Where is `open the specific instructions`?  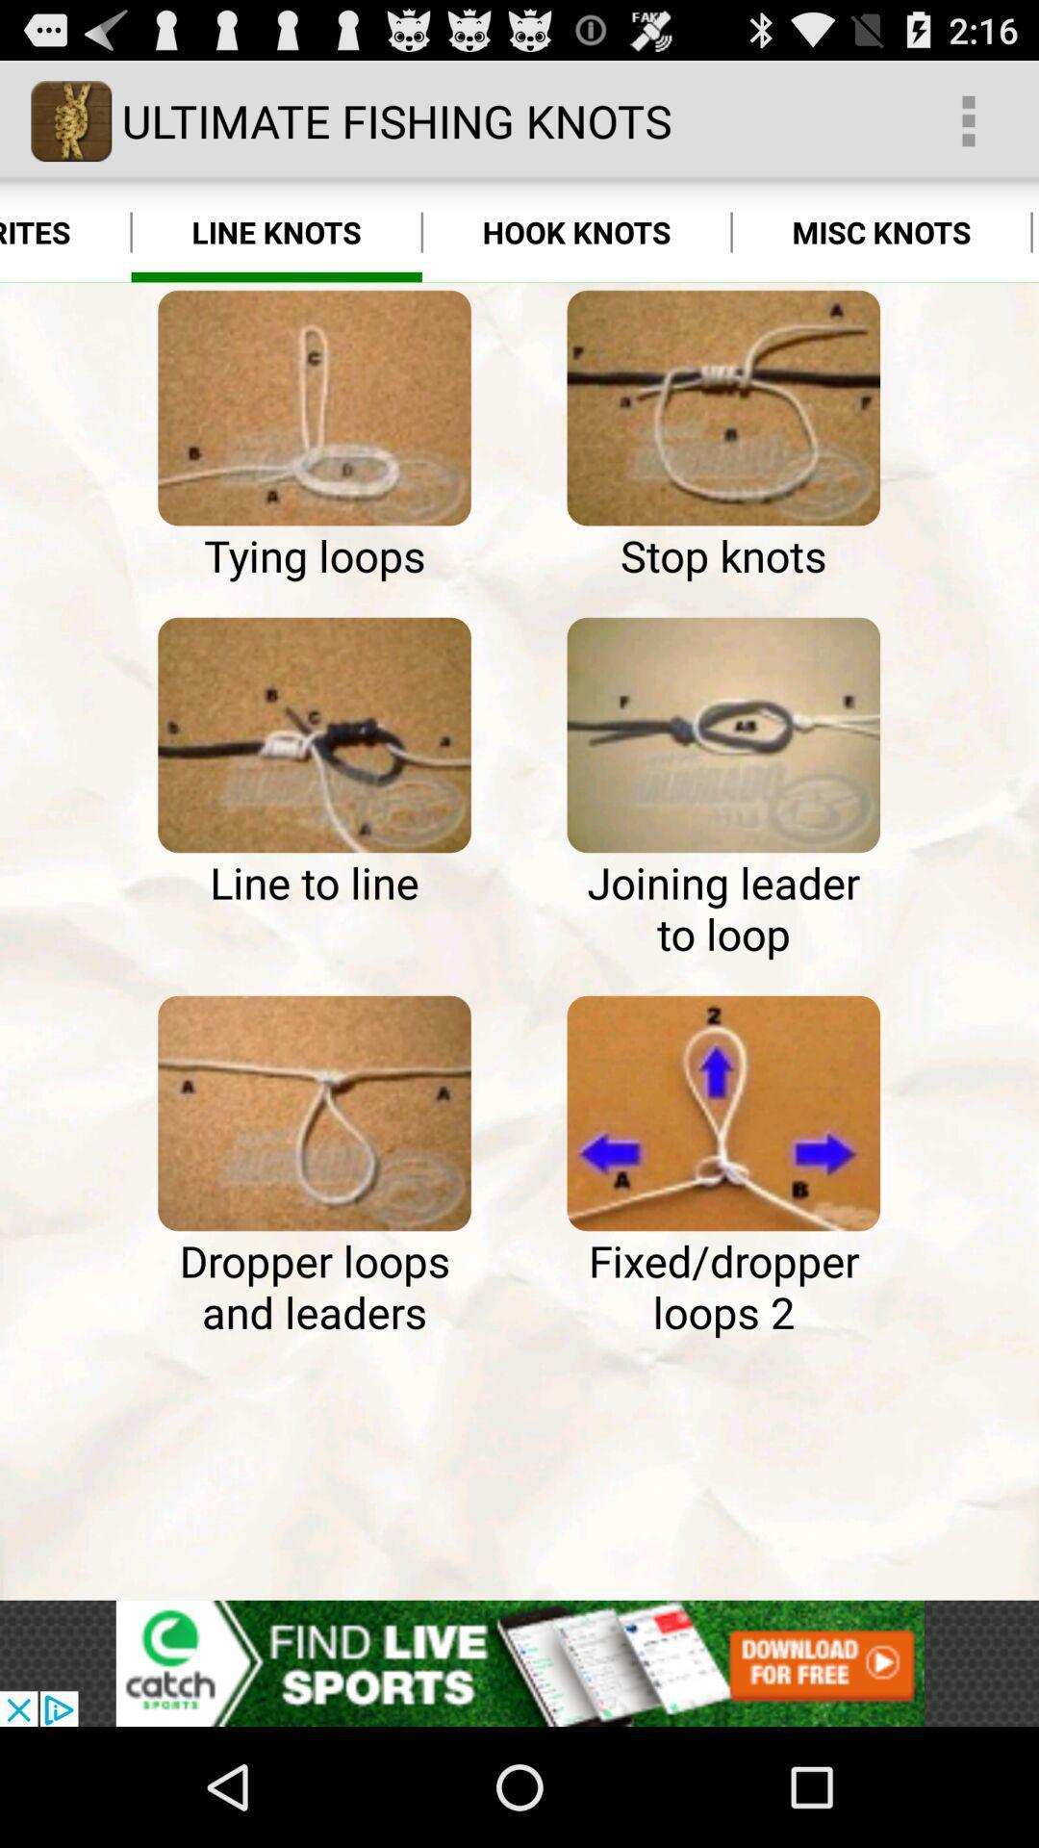 open the specific instructions is located at coordinates (314, 1113).